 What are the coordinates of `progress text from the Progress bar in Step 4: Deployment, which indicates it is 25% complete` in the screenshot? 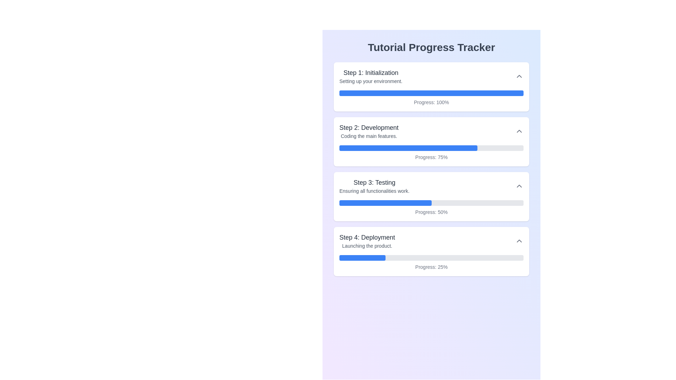 It's located at (431, 263).